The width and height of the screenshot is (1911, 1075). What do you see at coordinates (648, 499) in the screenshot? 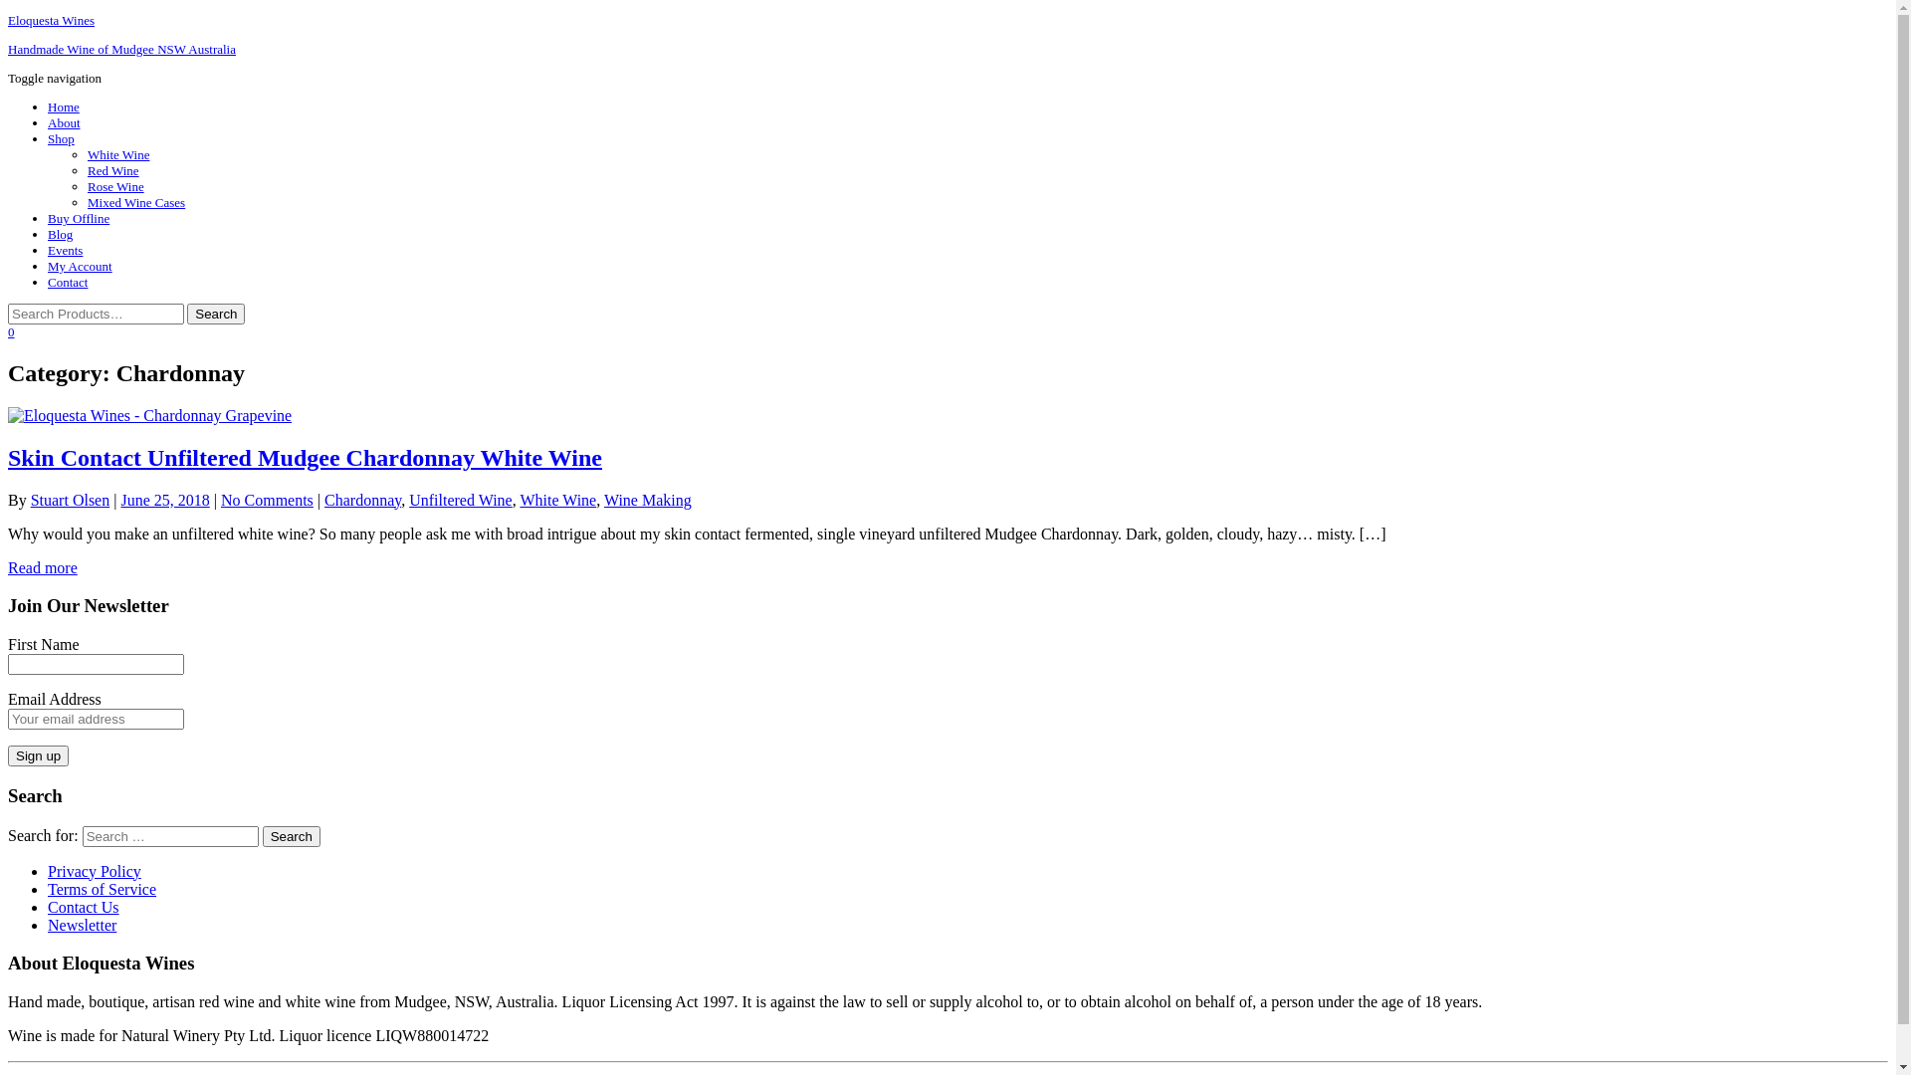
I see `'Wine Making'` at bounding box center [648, 499].